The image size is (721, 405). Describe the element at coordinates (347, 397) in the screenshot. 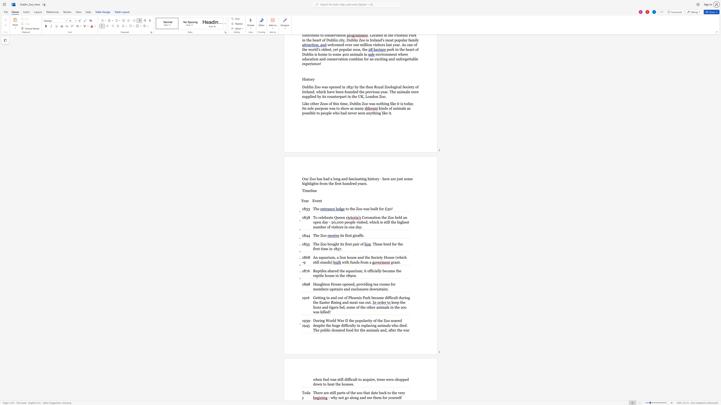

I see `the space between the continuous character "g" and "o" in the text` at that location.